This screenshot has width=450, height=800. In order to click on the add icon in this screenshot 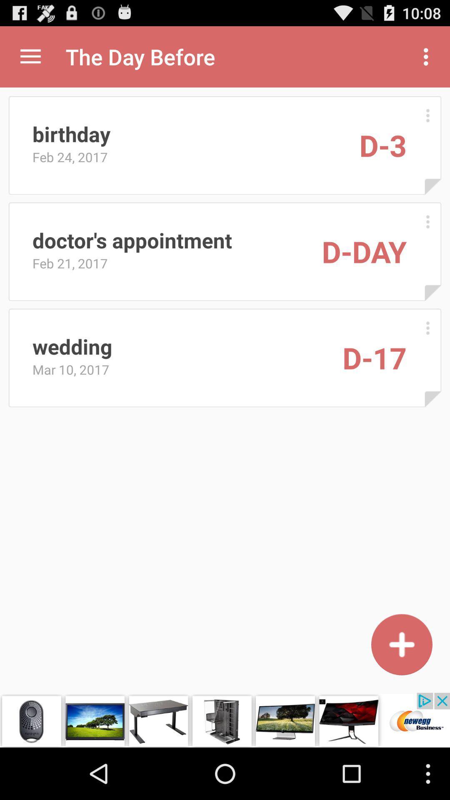, I will do `click(401, 690)`.